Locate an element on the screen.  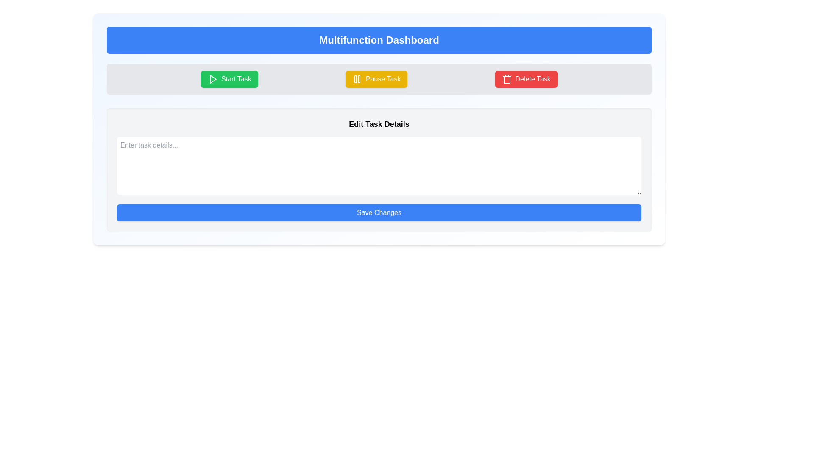
the vividly styled button with a red background and white text reading 'Delete Task' located on the rightmost side of the button row is located at coordinates (526, 79).